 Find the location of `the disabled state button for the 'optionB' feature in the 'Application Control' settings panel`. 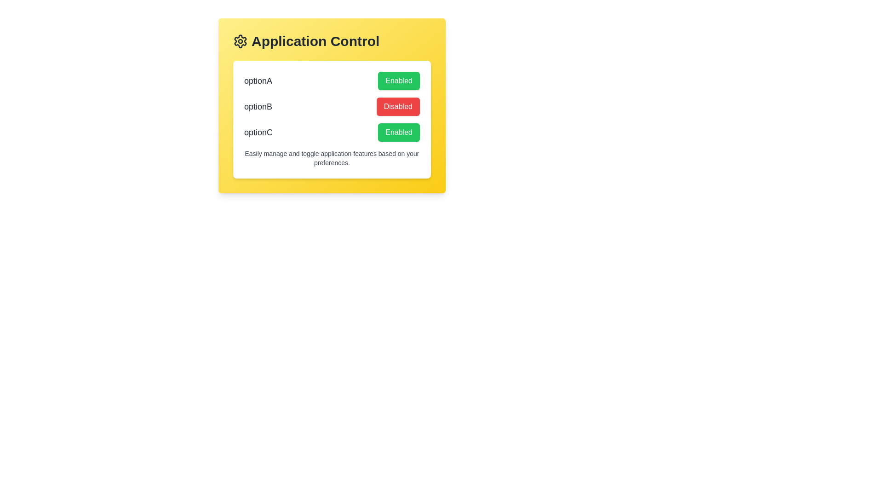

the disabled state button for the 'optionB' feature in the 'Application Control' settings panel is located at coordinates (398, 106).